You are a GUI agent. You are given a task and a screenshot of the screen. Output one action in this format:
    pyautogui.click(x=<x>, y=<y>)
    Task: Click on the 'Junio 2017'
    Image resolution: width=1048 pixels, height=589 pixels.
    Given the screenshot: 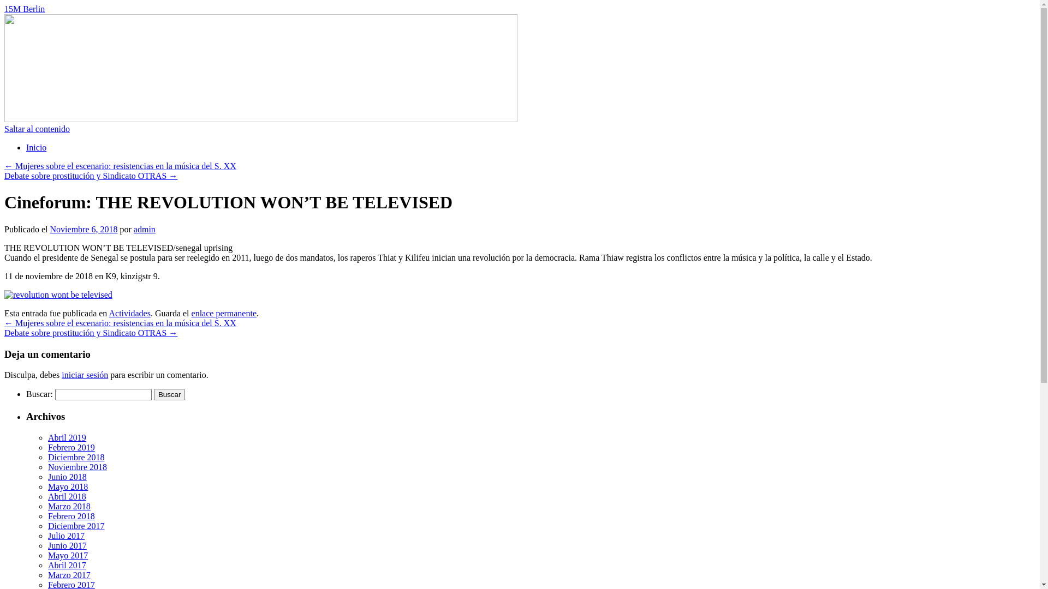 What is the action you would take?
    pyautogui.click(x=67, y=545)
    